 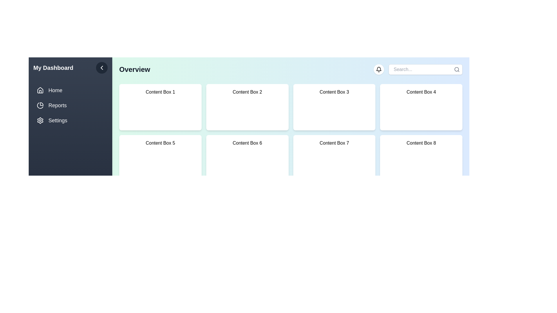 What do you see at coordinates (102, 68) in the screenshot?
I see `the sidebar toggle button to toggle the sidebar open or close` at bounding box center [102, 68].